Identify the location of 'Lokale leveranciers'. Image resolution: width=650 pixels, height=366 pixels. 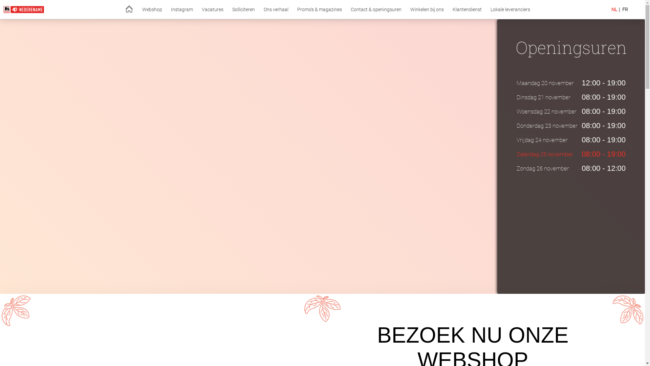
(510, 9).